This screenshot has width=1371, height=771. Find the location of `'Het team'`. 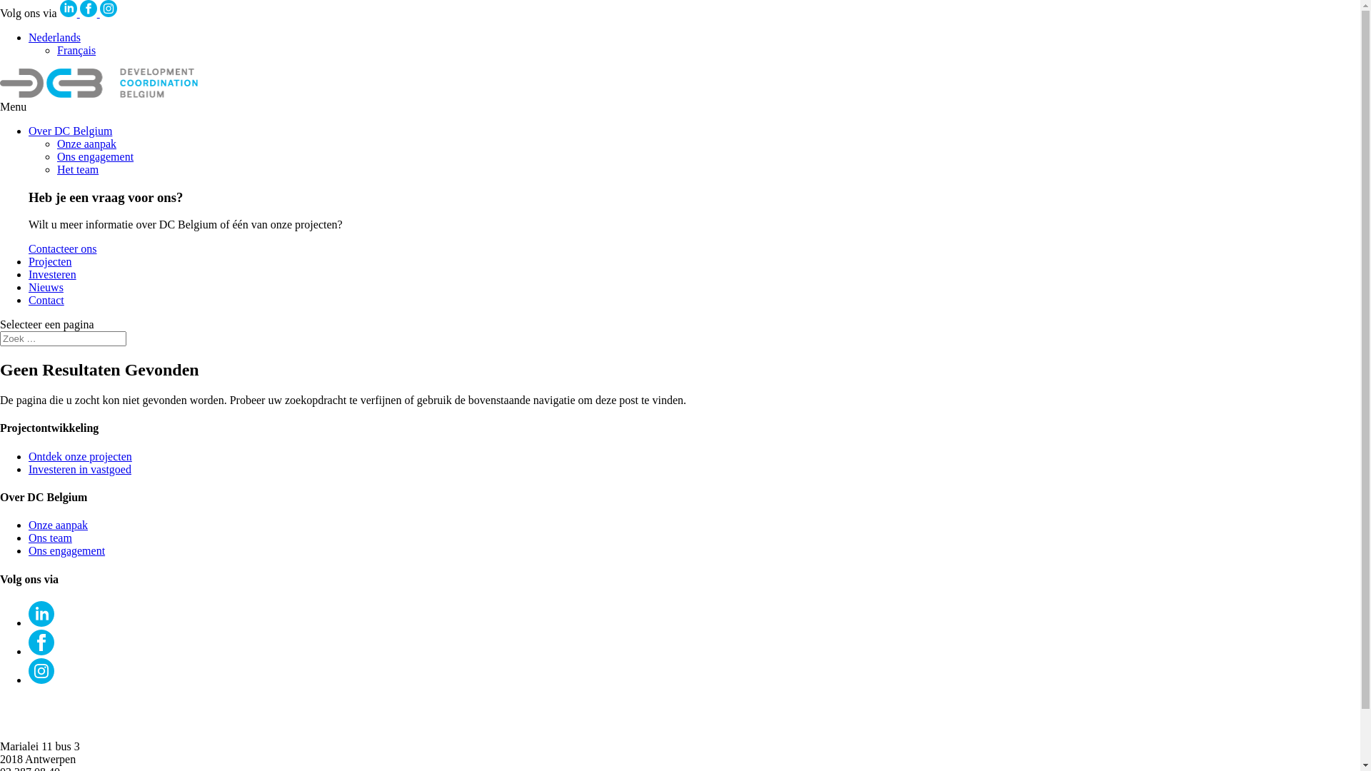

'Het team' is located at coordinates (77, 168).